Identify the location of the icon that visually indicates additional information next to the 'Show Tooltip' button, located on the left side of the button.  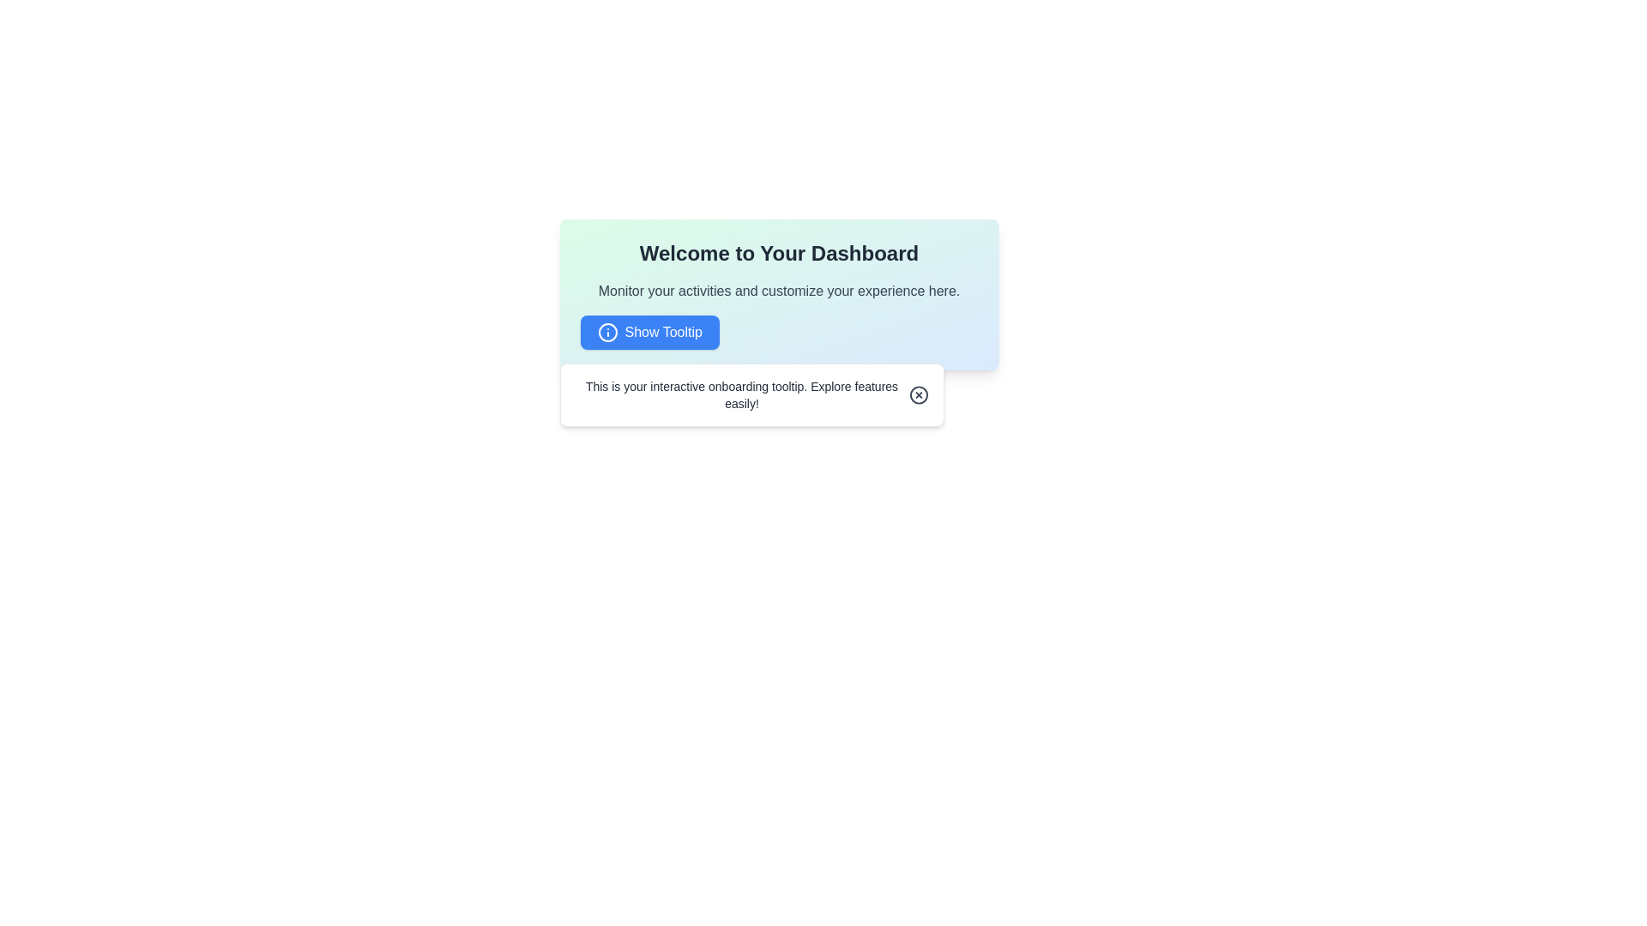
(607, 333).